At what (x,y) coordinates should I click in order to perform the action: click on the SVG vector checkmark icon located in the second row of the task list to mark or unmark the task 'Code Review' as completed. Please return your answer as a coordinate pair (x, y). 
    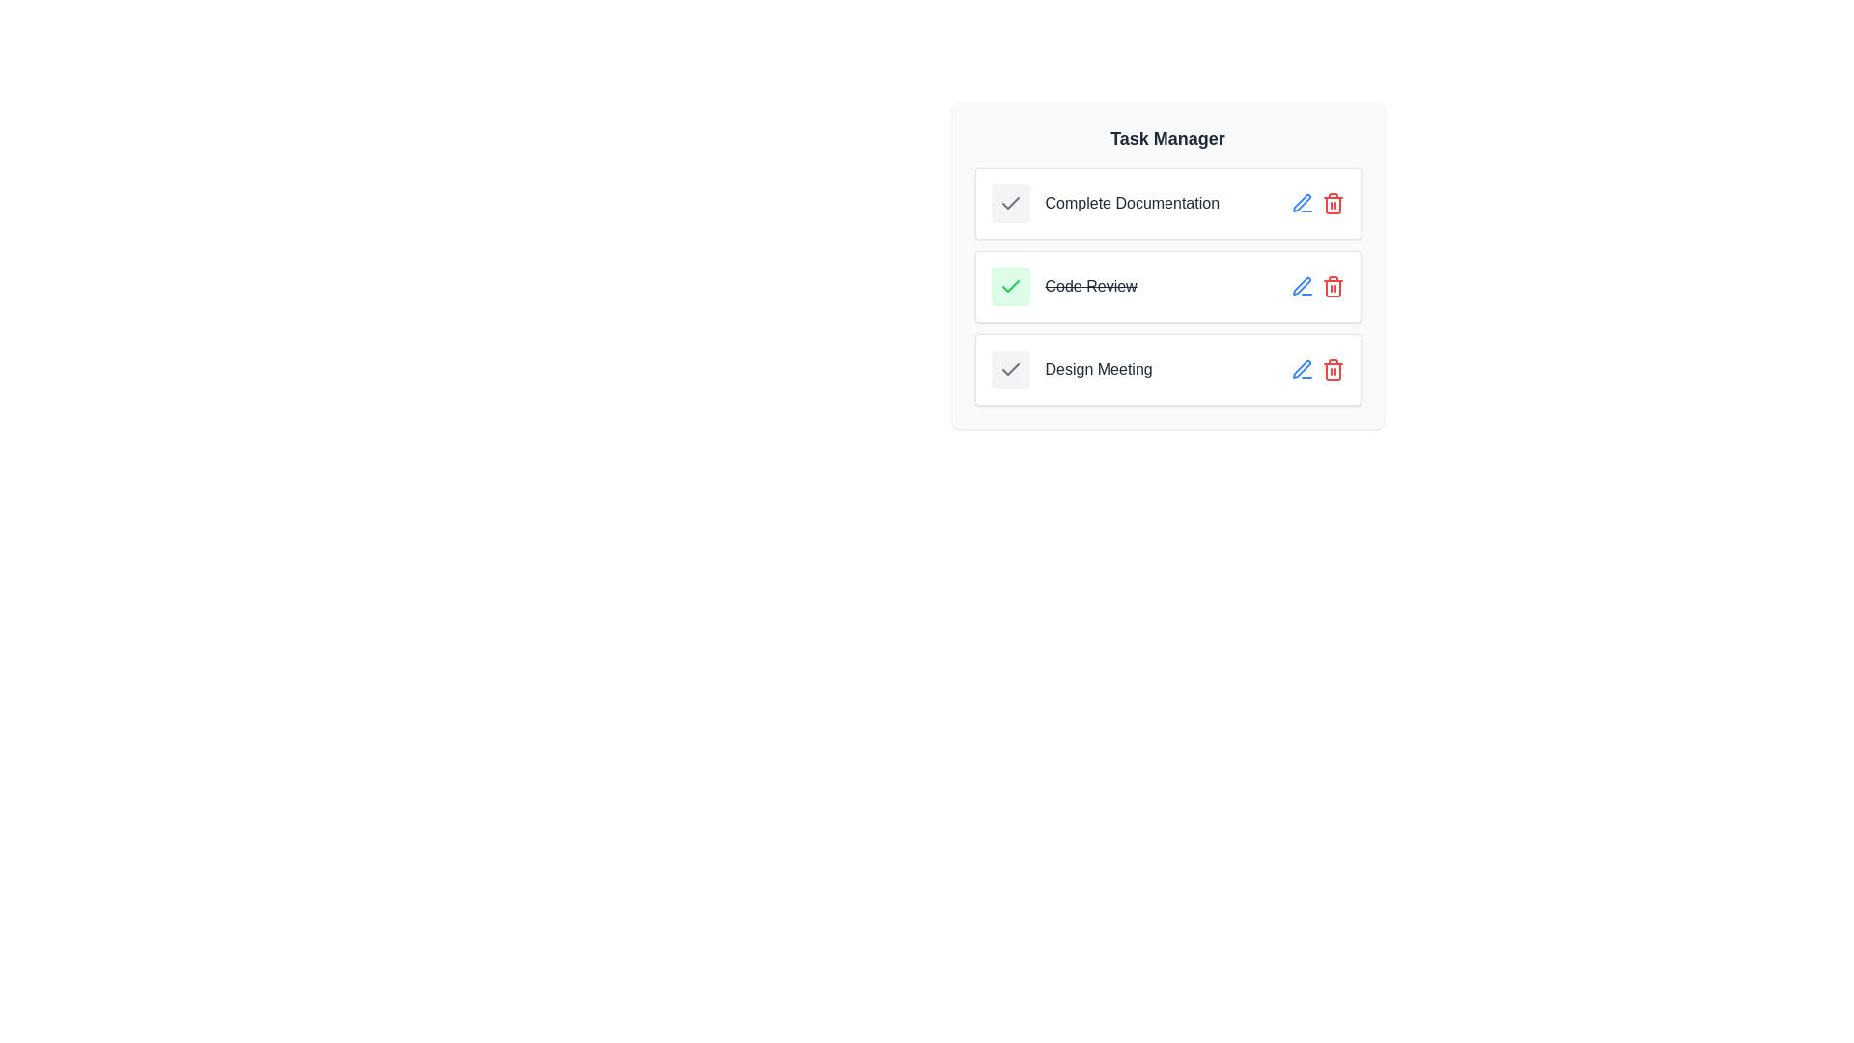
    Looking at the image, I should click on (1009, 286).